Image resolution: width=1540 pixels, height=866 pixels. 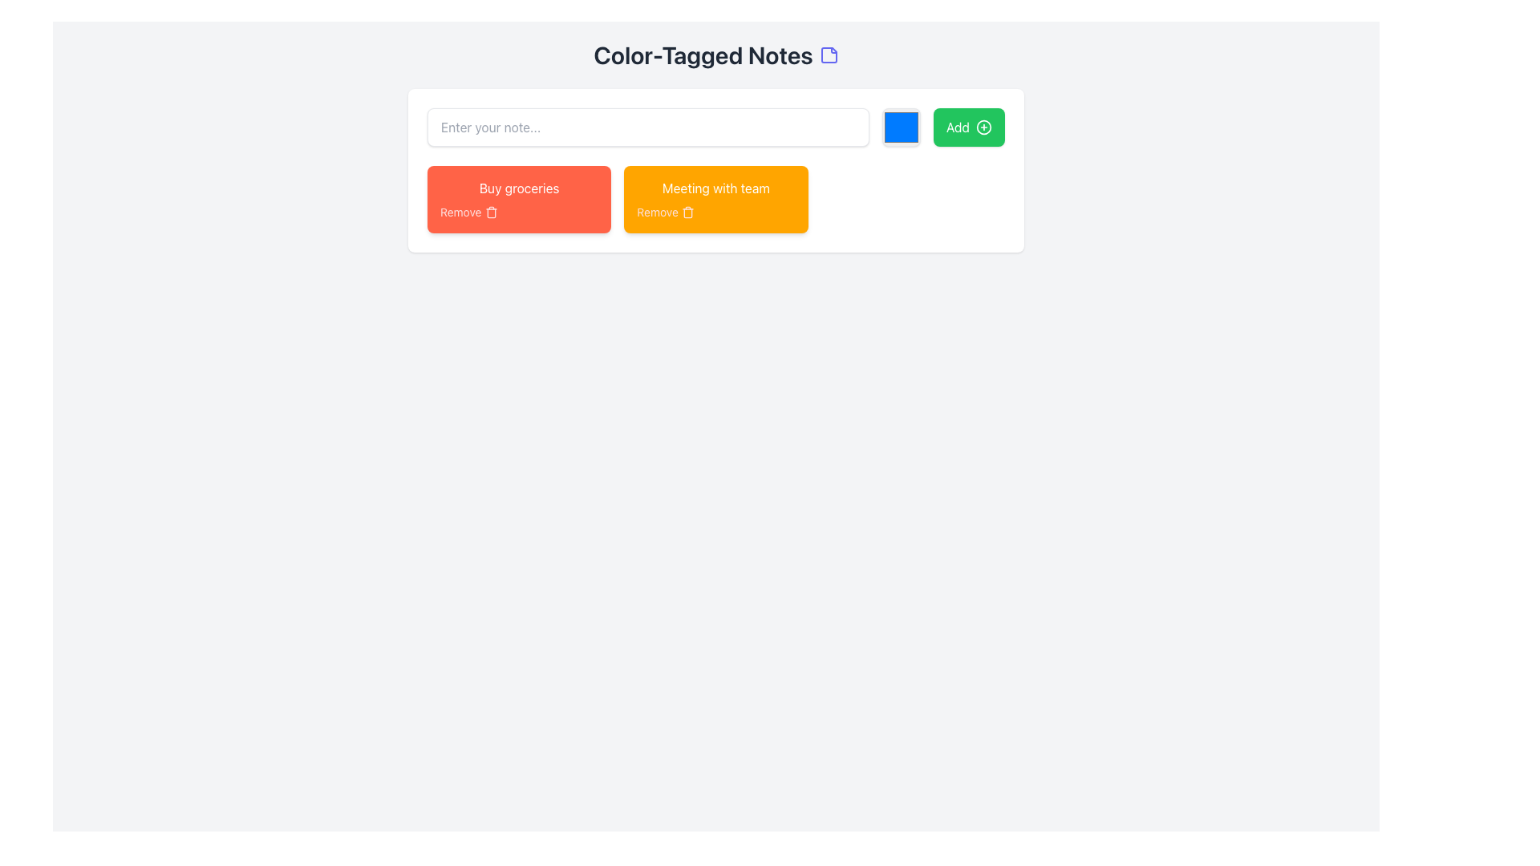 I want to click on the 24x24 pixel trash bin icon located to the right of the 'Remove' text in the button group of the 'Meeting with team' card, so click(x=687, y=212).